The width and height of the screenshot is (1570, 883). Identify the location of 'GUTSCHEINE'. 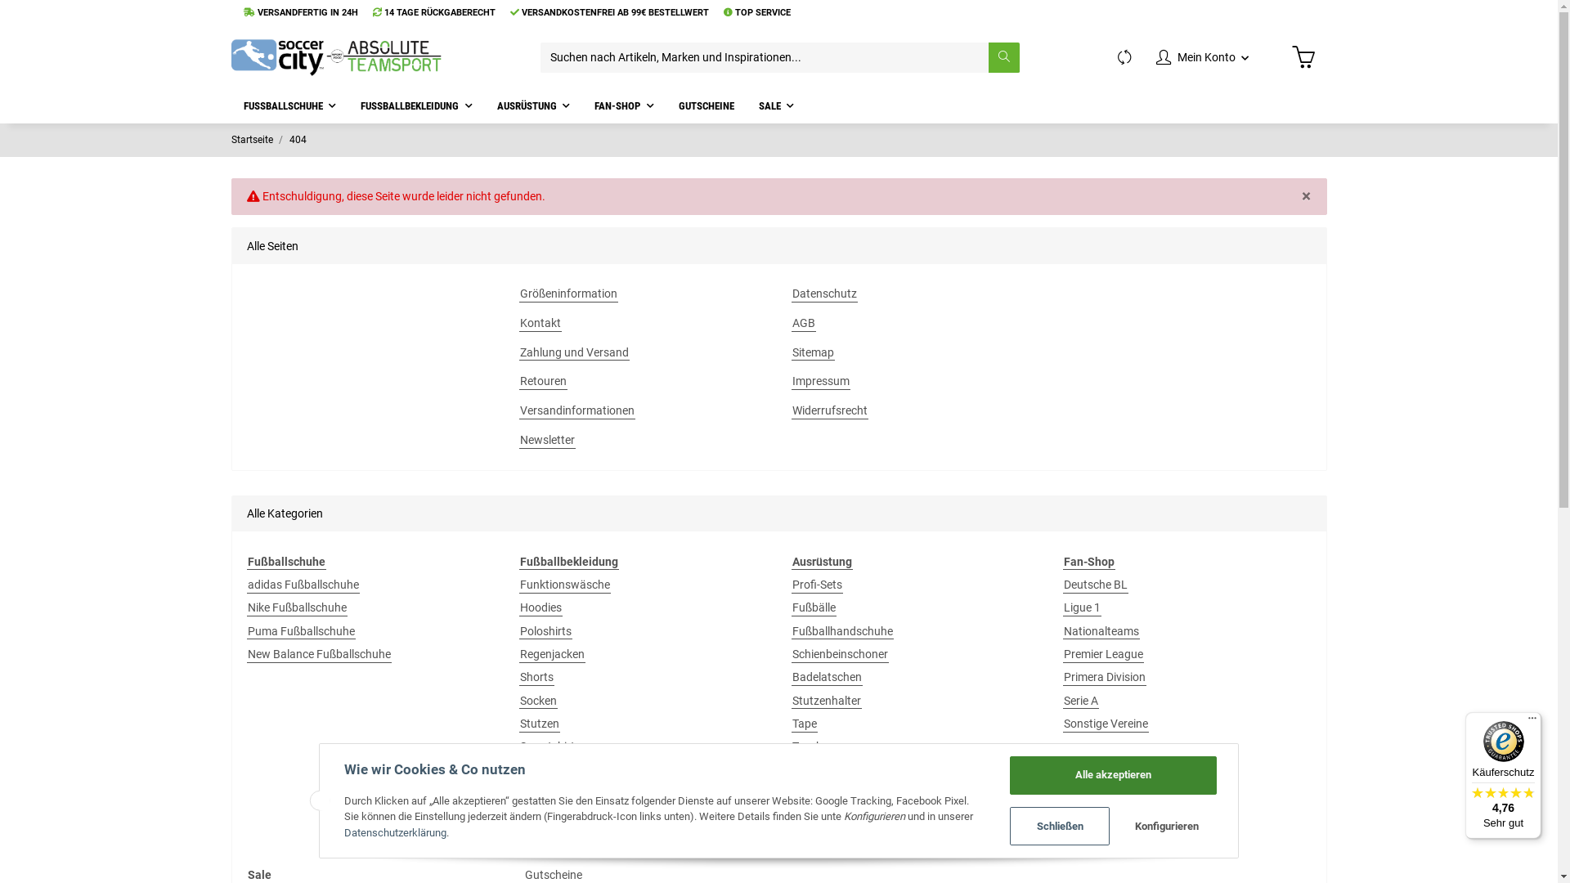
(706, 106).